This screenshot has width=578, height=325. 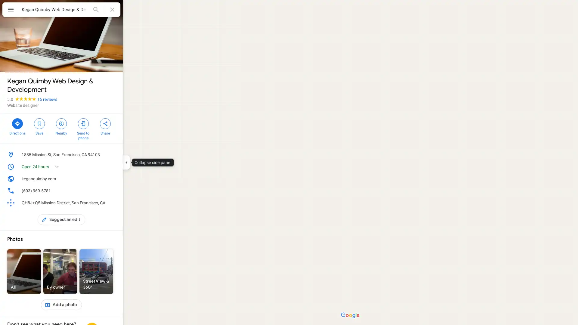 What do you see at coordinates (83, 128) in the screenshot?
I see `Send Kegan Quimby Web Design & Development to your phone` at bounding box center [83, 128].